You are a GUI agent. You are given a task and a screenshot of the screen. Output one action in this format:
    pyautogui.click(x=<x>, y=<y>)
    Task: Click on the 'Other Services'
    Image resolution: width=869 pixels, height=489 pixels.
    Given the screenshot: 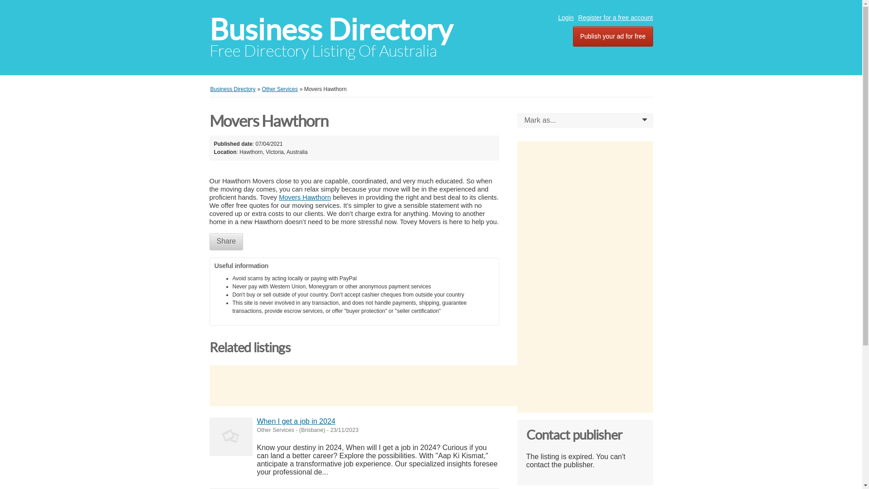 What is the action you would take?
    pyautogui.click(x=279, y=89)
    